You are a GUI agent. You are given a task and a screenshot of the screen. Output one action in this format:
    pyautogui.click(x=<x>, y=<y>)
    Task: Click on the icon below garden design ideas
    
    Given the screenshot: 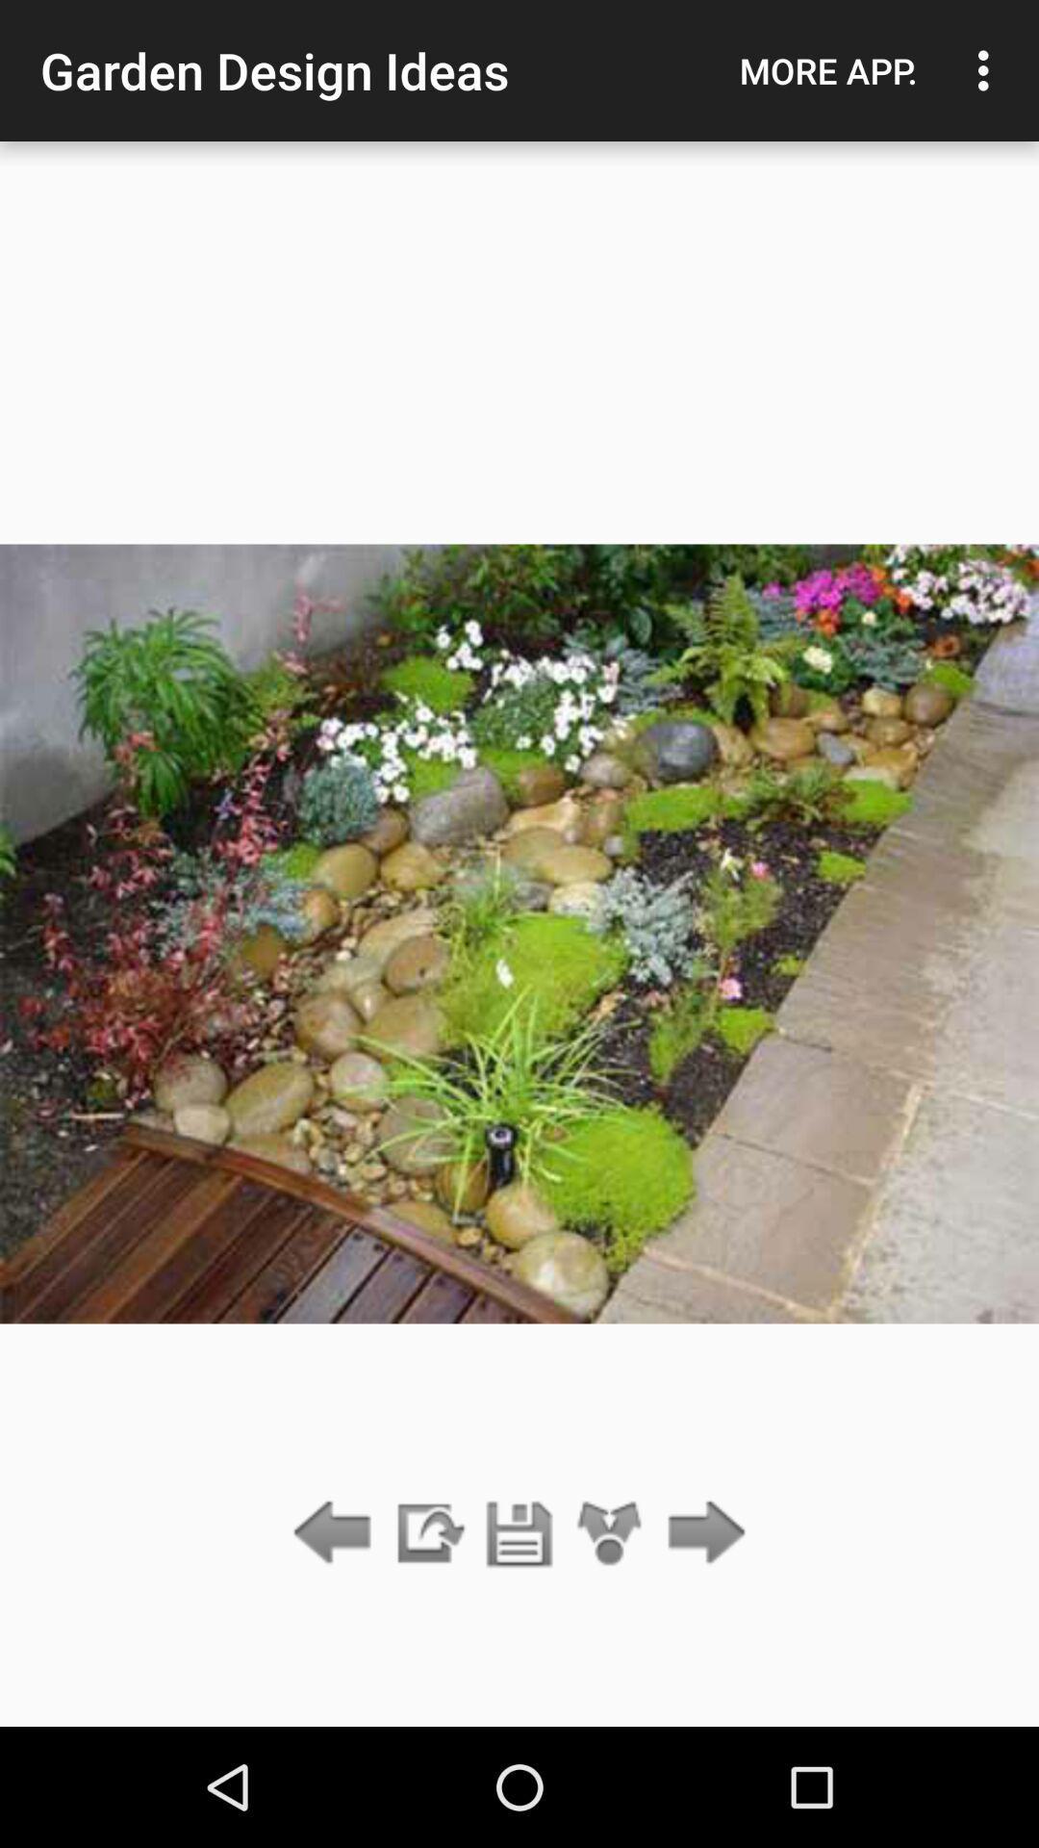 What is the action you would take?
    pyautogui.click(x=519, y=1533)
    